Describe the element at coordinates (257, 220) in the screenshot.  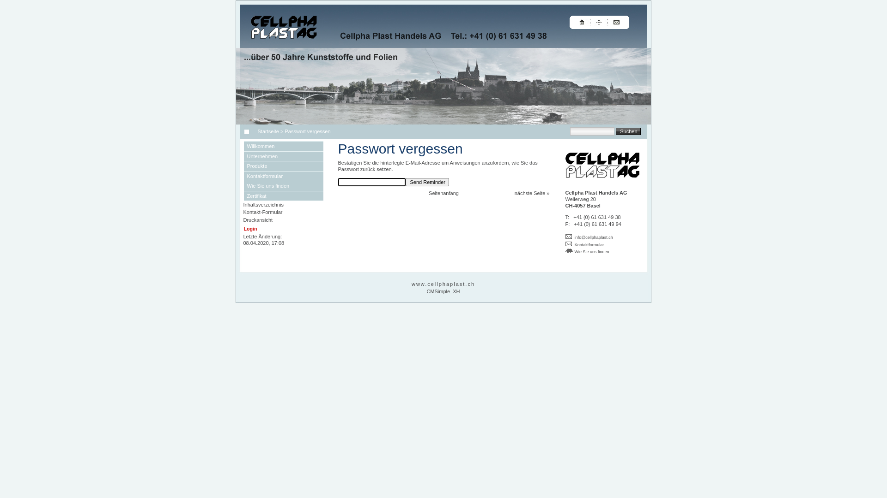
I see `'Druckansicht'` at that location.